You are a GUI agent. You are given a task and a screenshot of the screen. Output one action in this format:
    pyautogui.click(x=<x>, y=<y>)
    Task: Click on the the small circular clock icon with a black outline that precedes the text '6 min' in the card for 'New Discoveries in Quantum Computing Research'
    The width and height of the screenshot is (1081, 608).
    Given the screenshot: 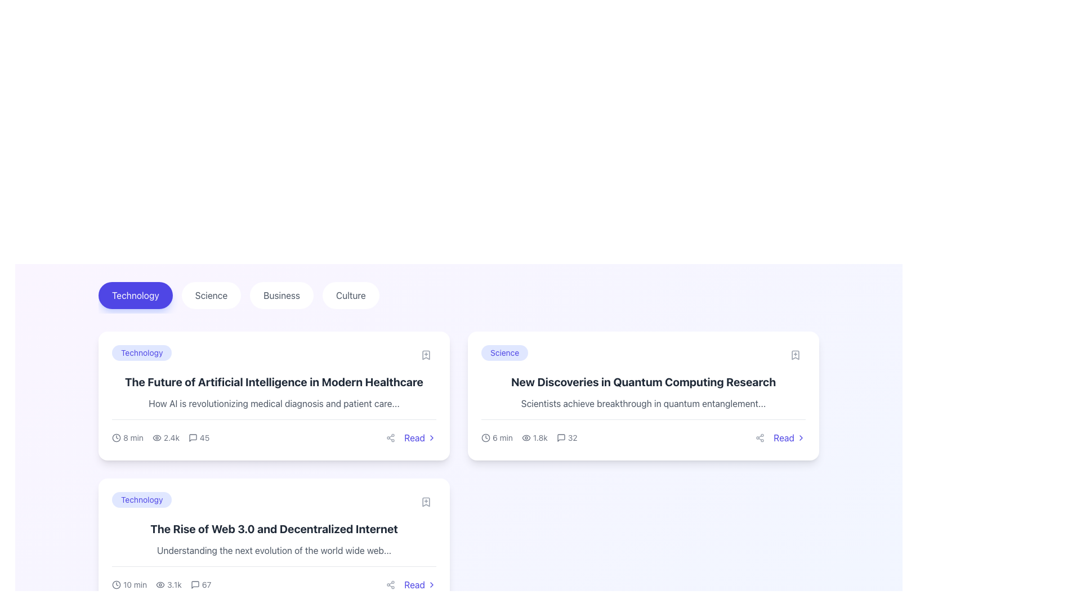 What is the action you would take?
    pyautogui.click(x=486, y=437)
    